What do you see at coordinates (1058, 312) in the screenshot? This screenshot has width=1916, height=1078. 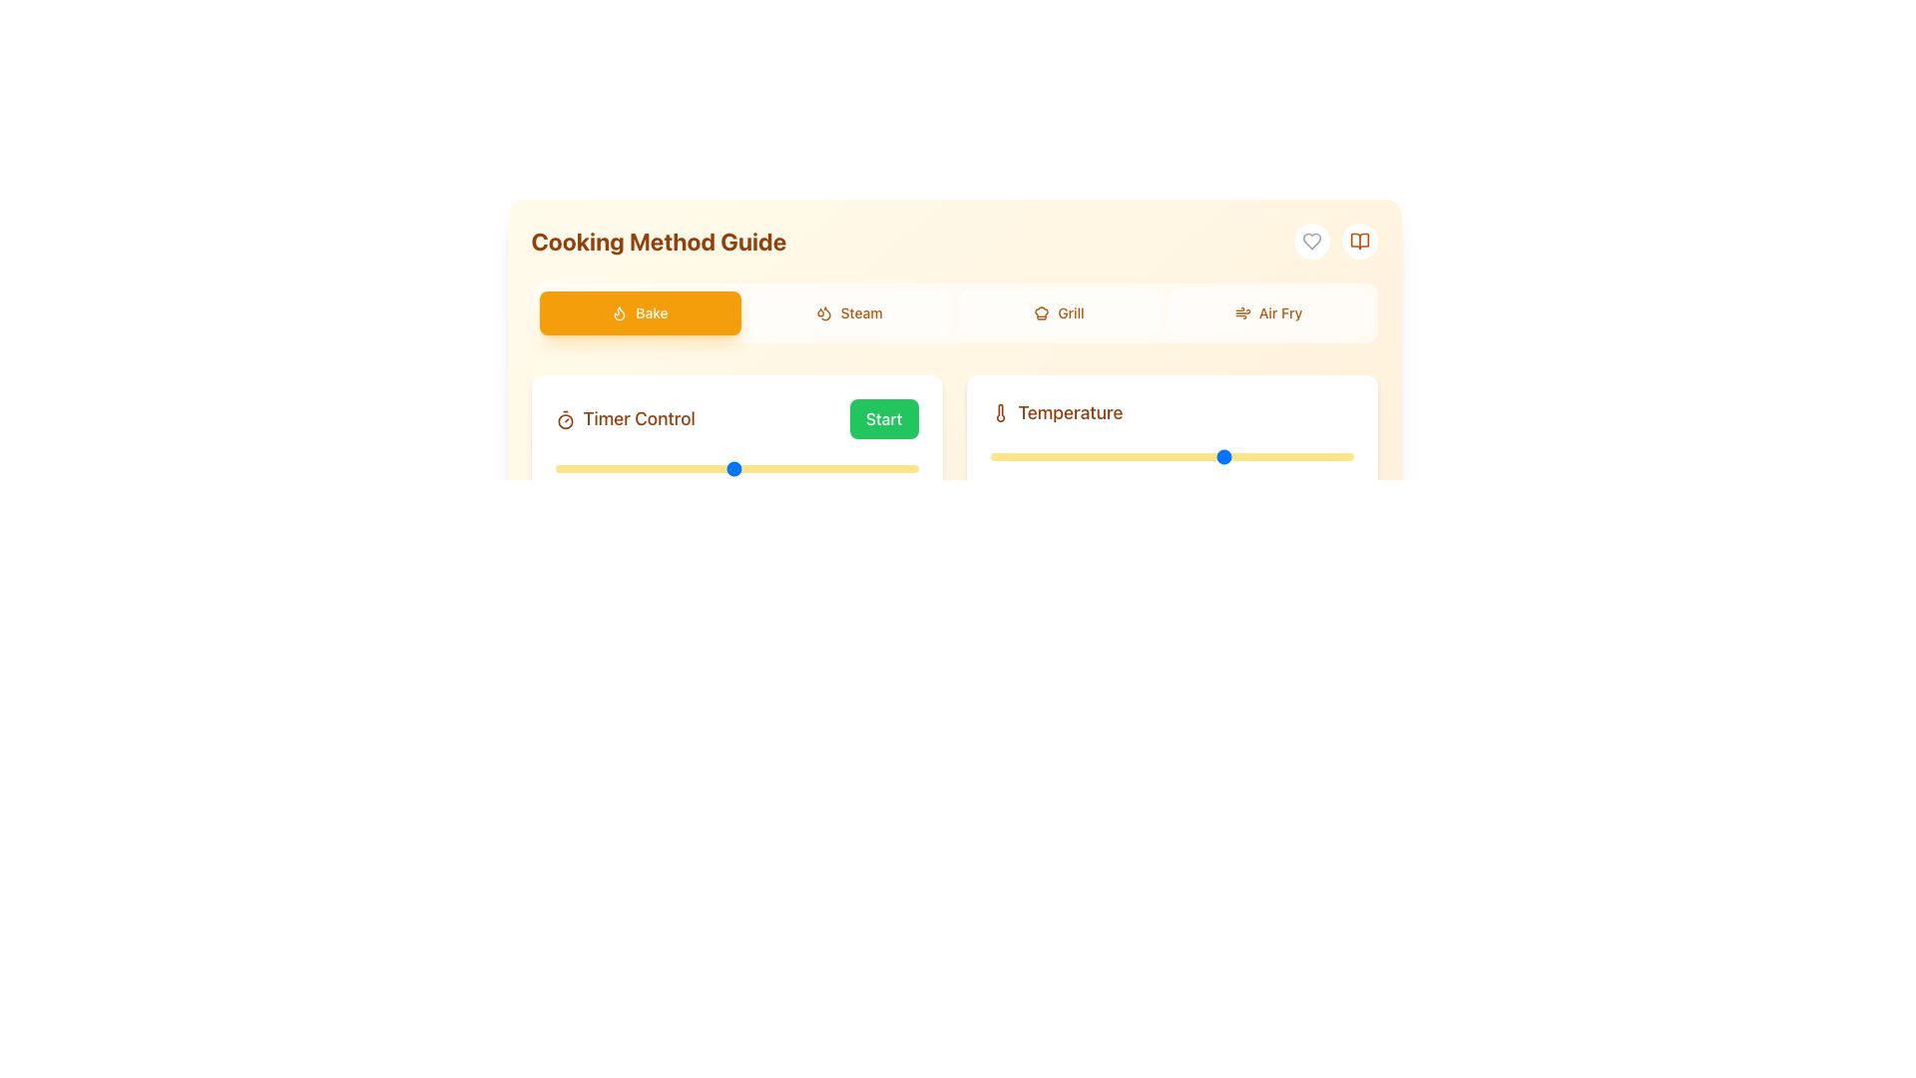 I see `the 'Grill' button located in the upper section of the interface, third from the left in the horizontal array of cooking method buttons` at bounding box center [1058, 312].